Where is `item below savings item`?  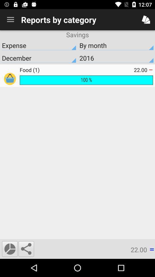 item below savings item is located at coordinates (39, 45).